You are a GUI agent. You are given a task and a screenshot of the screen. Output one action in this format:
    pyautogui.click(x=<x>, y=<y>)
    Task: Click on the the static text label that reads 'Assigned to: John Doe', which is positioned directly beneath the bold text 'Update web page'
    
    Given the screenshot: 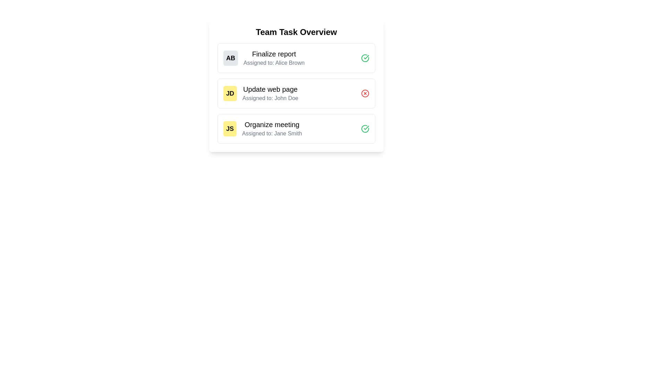 What is the action you would take?
    pyautogui.click(x=270, y=98)
    